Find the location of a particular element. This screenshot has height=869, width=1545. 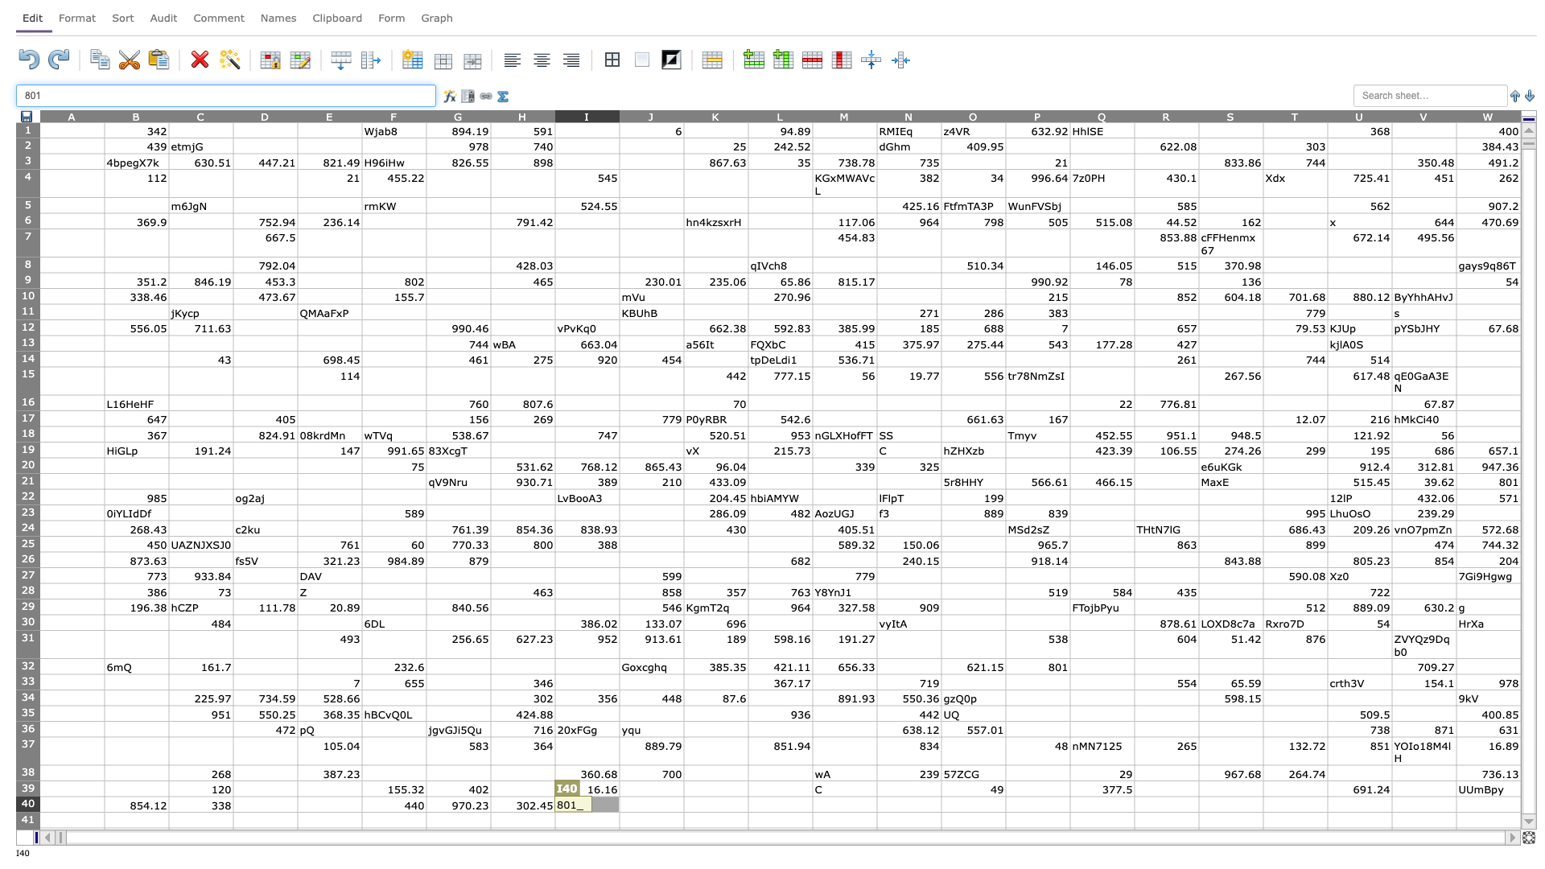

left edge at column J row 40 is located at coordinates (618, 804).